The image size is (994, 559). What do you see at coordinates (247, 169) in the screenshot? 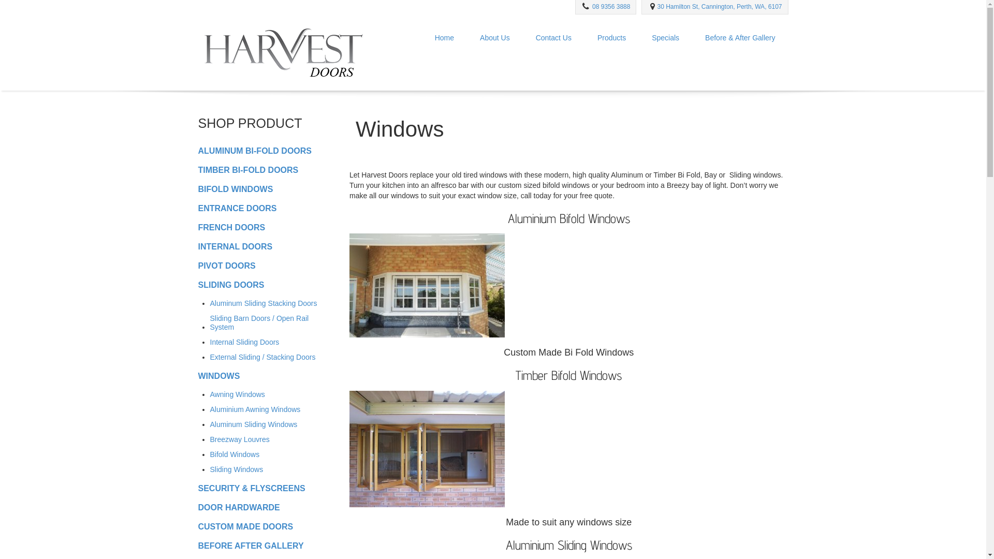
I see `'TIMBER BI-FOLD DOORS'` at bounding box center [247, 169].